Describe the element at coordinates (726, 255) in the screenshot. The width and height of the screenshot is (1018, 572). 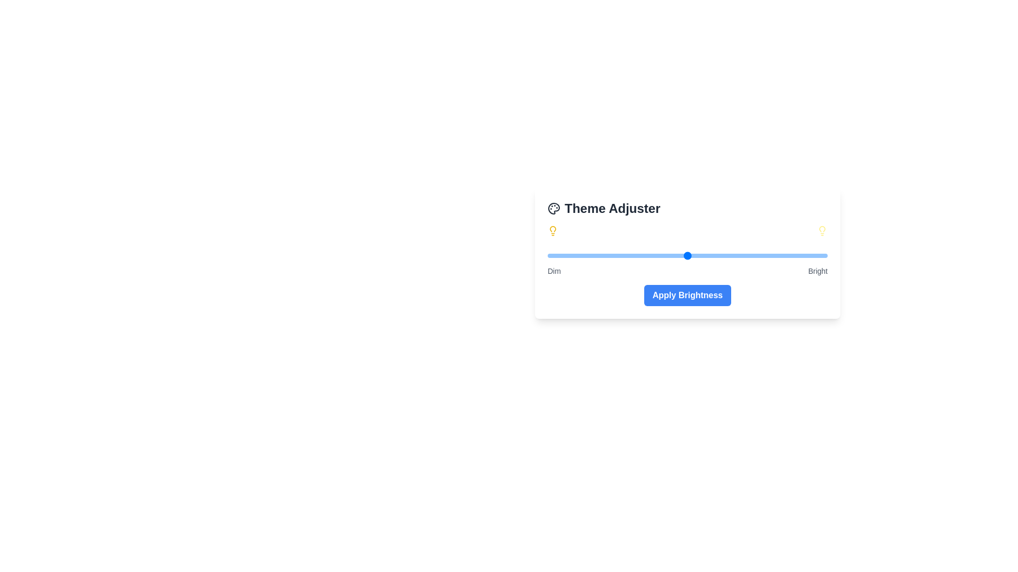
I see `the brightness slider to a specific value 64` at that location.